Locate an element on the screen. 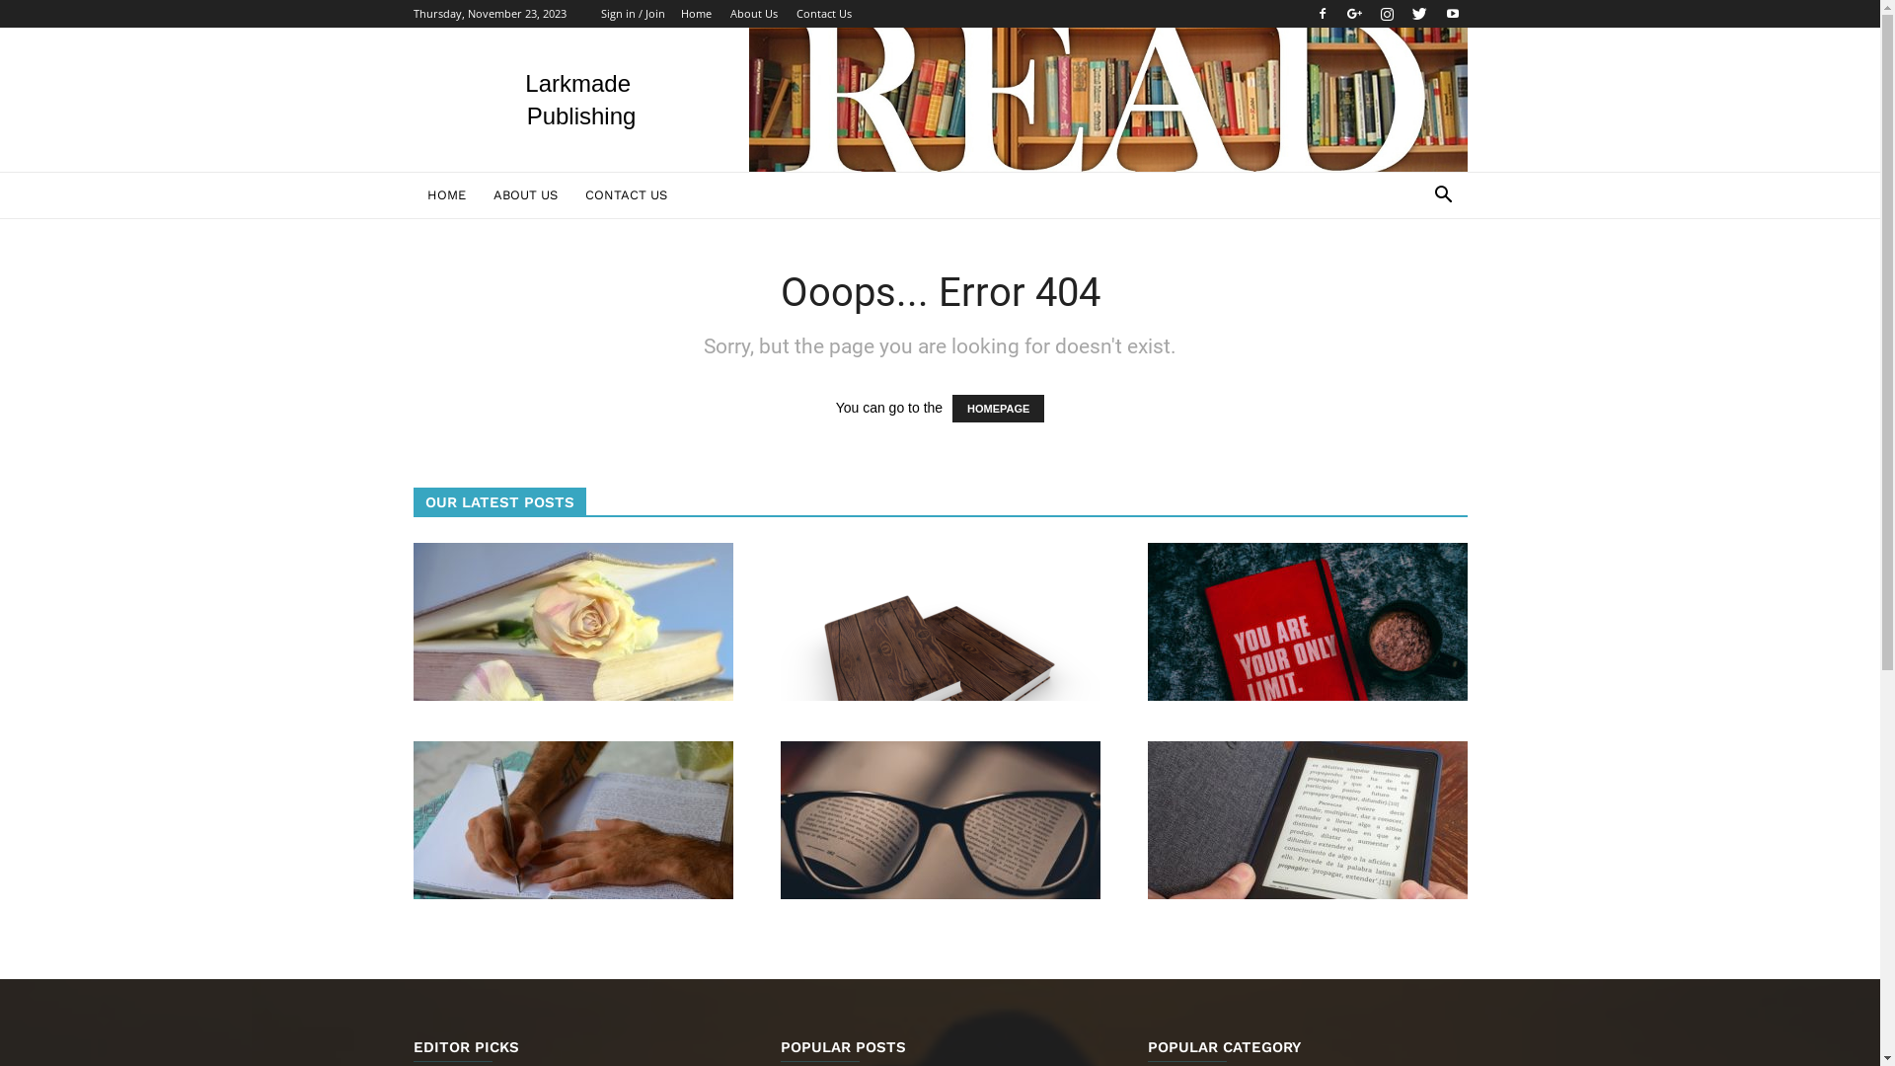 The image size is (1895, 1066). 'Search' is located at coordinates (1411, 273).